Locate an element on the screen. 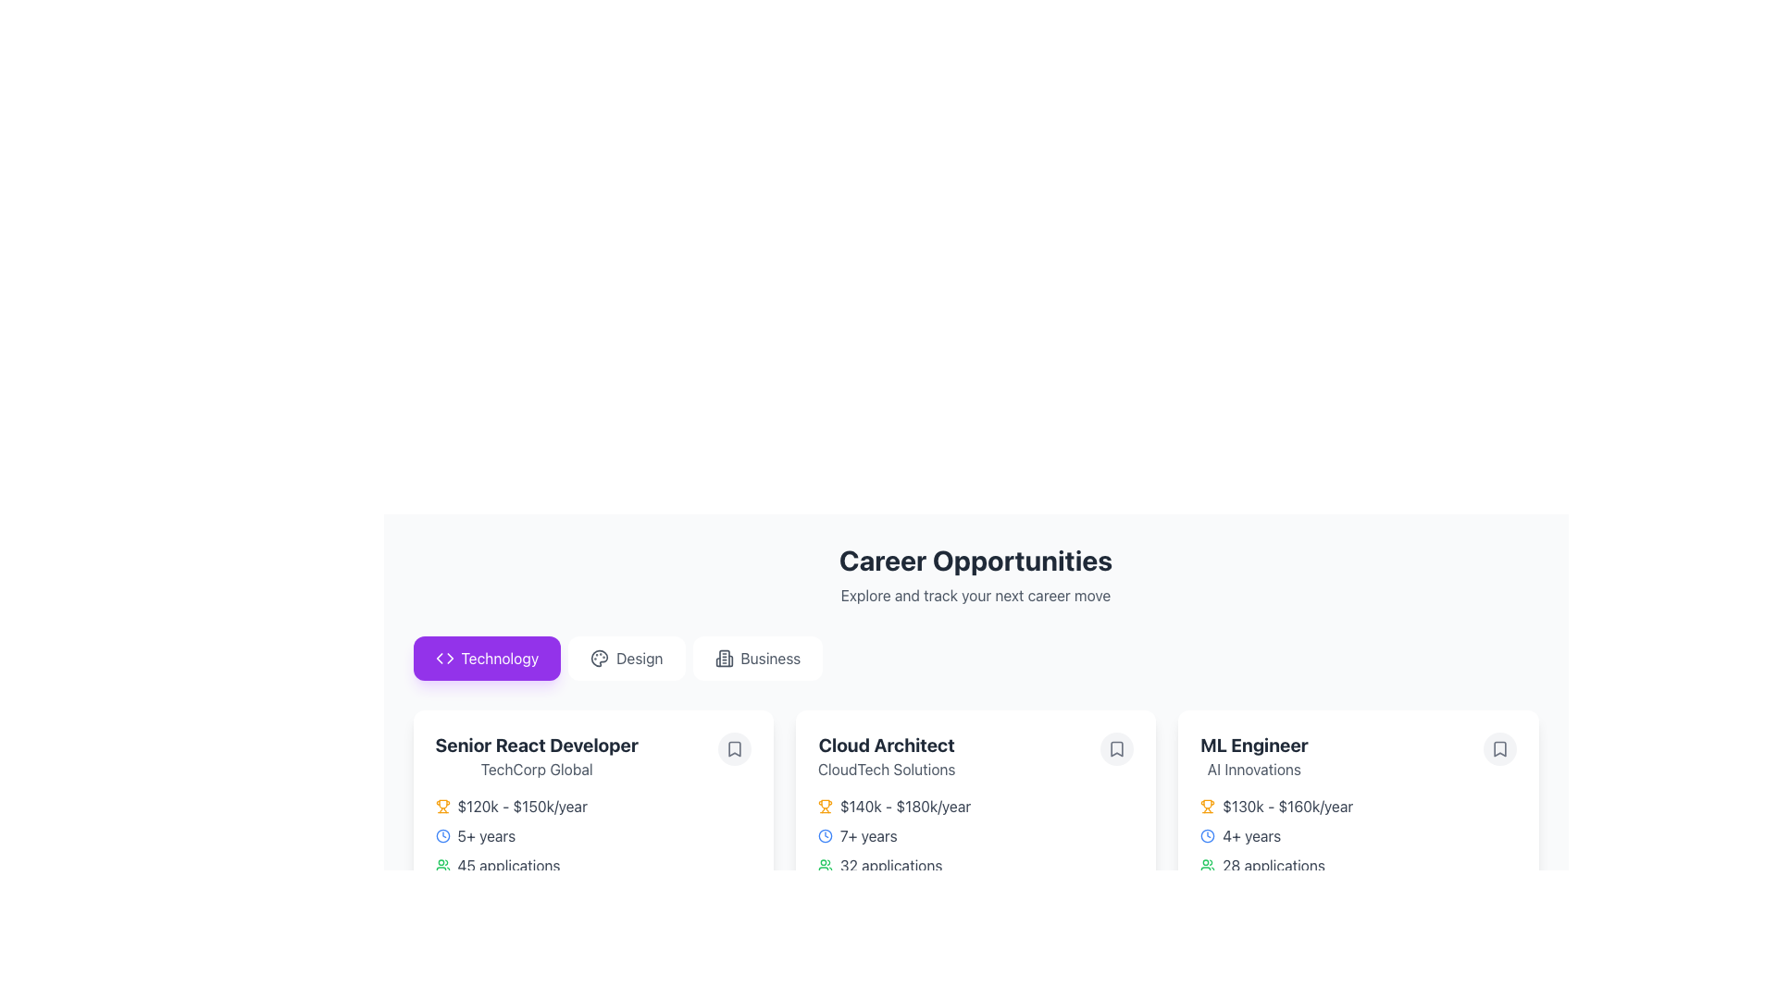 This screenshot has width=1777, height=999. textual header displaying 'Career Opportunities' and its subtitle 'Explore and track your next career move', which is located at the top center of the content section is located at coordinates (975, 573).